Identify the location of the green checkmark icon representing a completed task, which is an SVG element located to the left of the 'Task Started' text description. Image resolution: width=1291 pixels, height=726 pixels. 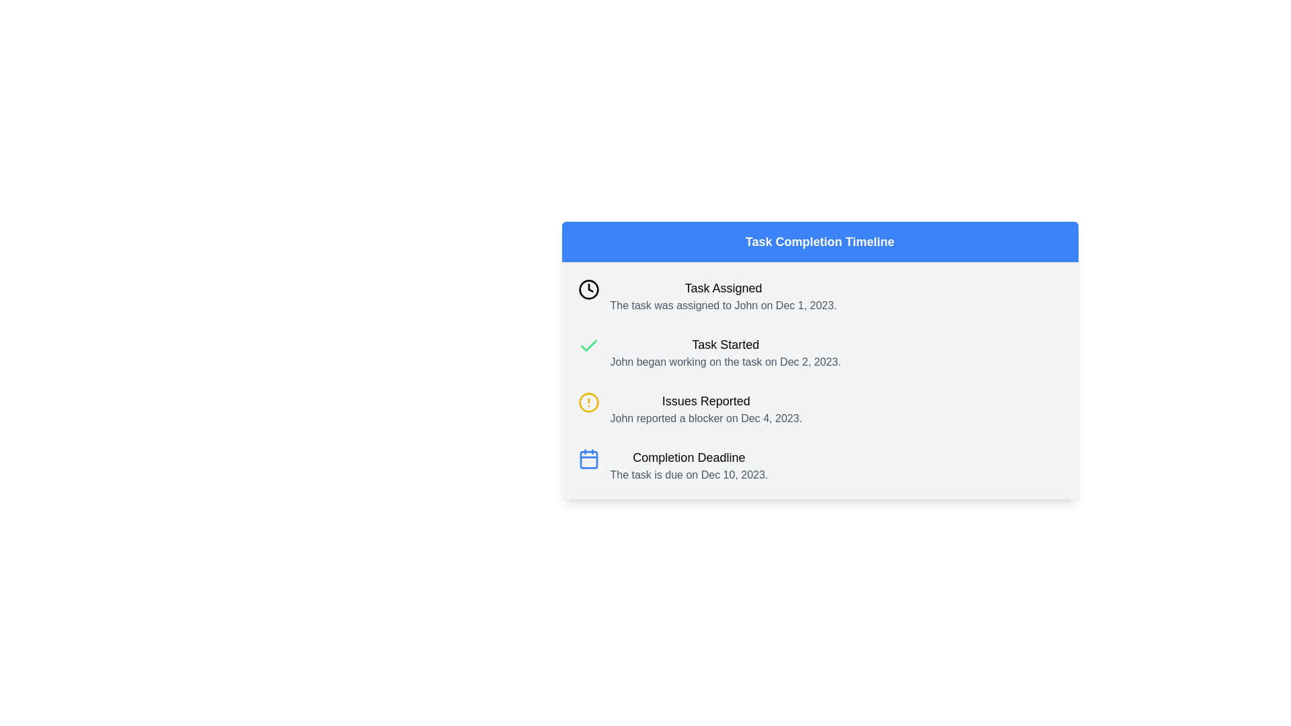
(588, 345).